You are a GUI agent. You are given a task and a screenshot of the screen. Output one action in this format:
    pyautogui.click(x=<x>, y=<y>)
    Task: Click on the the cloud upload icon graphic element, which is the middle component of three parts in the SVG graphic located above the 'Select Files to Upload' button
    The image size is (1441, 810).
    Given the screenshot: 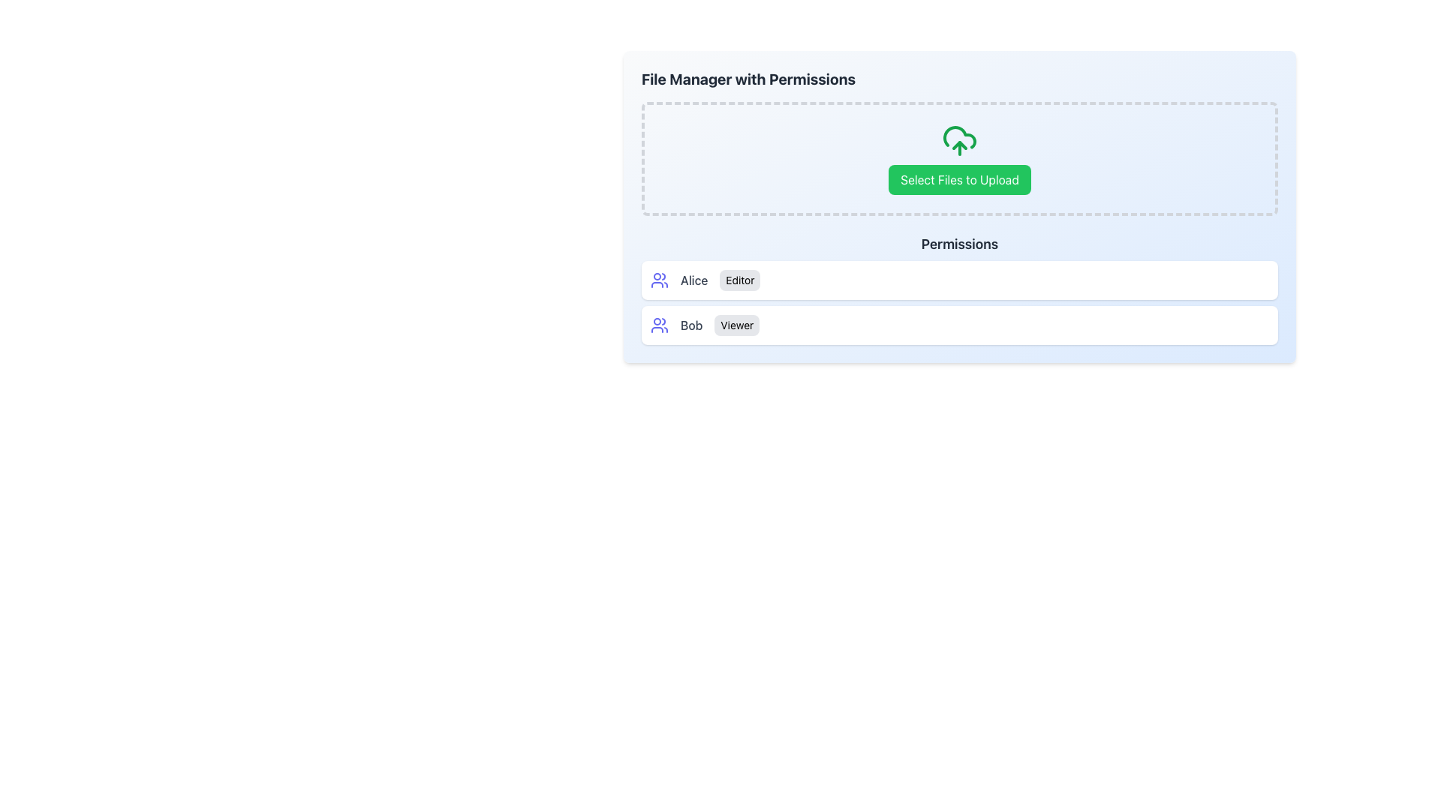 What is the action you would take?
    pyautogui.click(x=958, y=137)
    